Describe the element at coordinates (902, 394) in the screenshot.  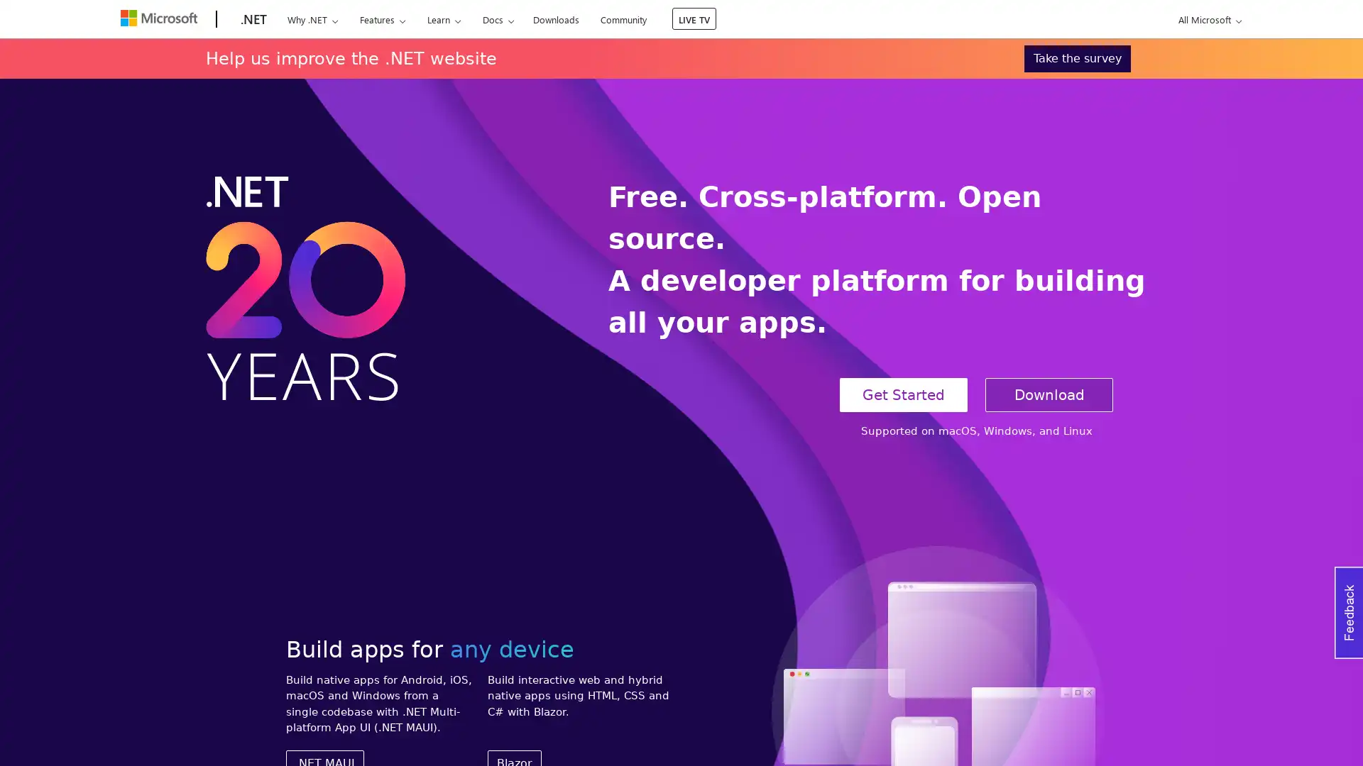
I see `Get Started` at that location.